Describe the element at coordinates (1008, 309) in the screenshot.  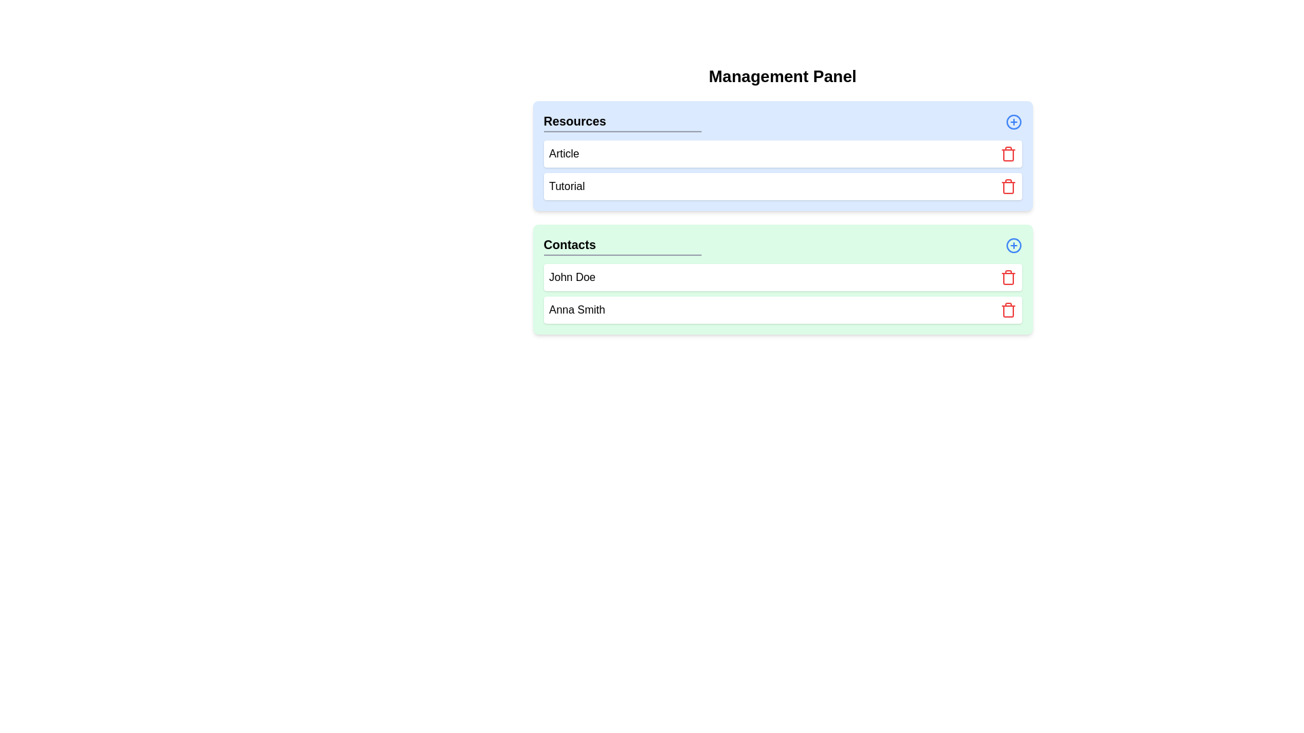
I see `the delete button for the element Anna Smith in the category Contacts` at that location.